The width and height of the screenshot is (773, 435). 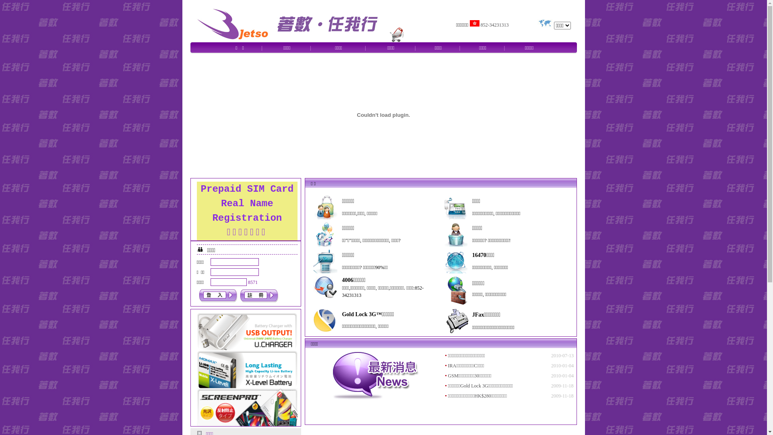 I want to click on '852-34231313', so click(x=494, y=24).